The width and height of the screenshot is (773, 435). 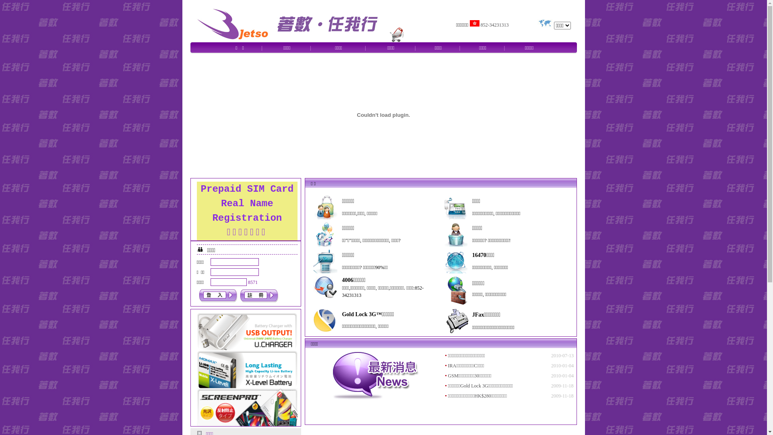 I want to click on '852-34231313', so click(x=494, y=24).